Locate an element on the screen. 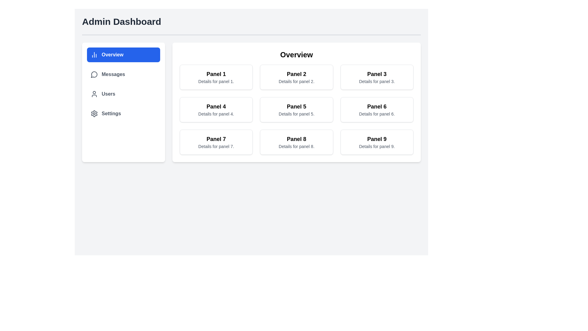 This screenshot has width=588, height=331. the card panel in the center column of the second row to interact with or open details related to Panel 5 is located at coordinates (296, 102).